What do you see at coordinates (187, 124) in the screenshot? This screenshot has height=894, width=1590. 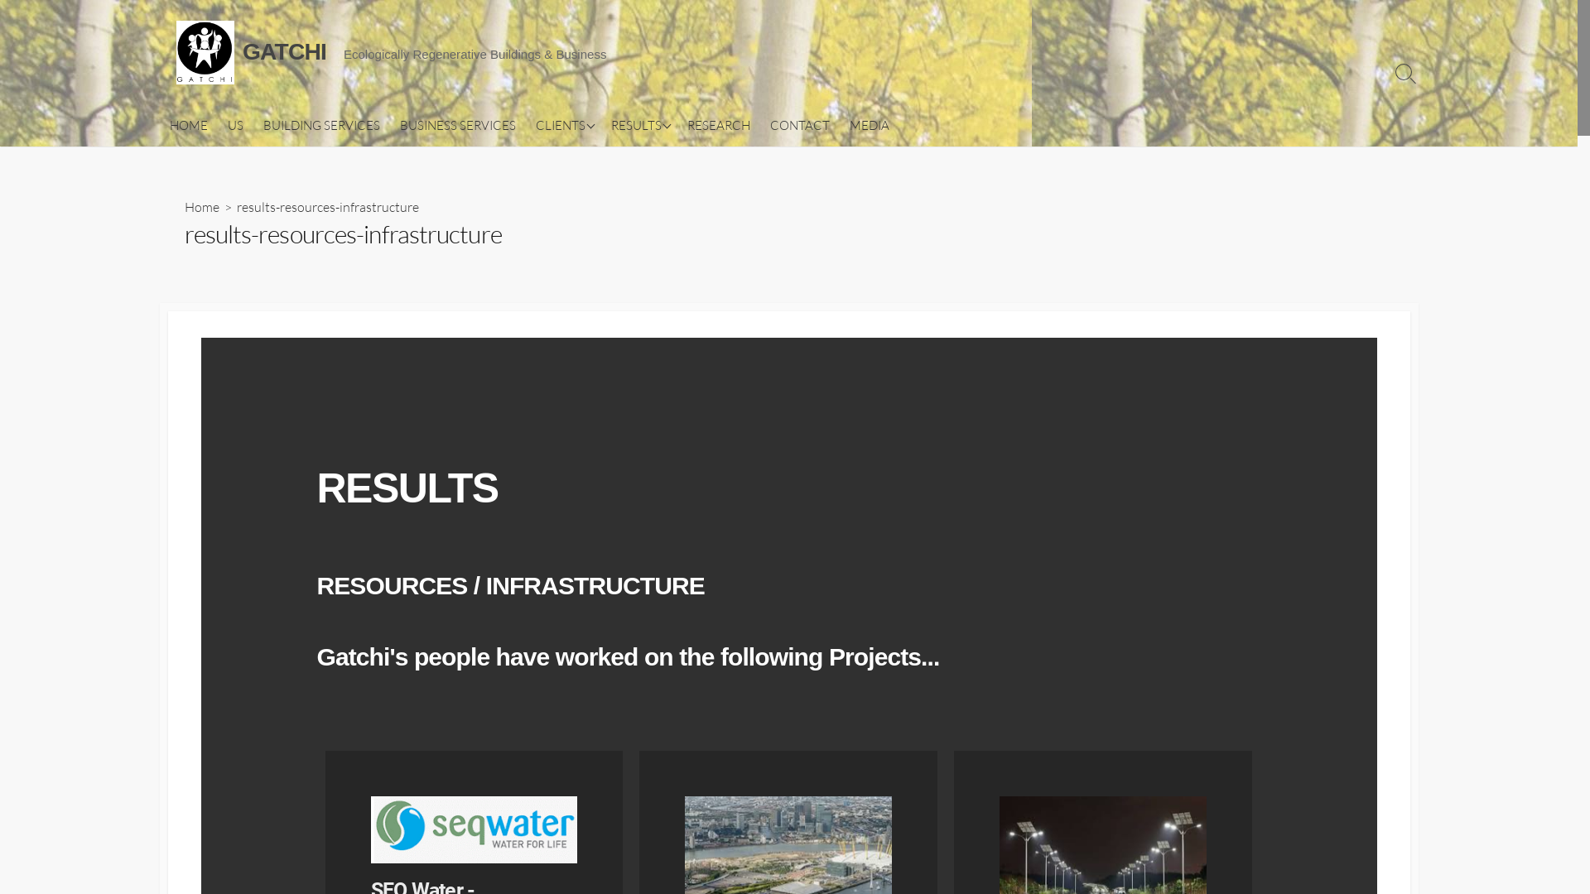 I see `'HOME'` at bounding box center [187, 124].